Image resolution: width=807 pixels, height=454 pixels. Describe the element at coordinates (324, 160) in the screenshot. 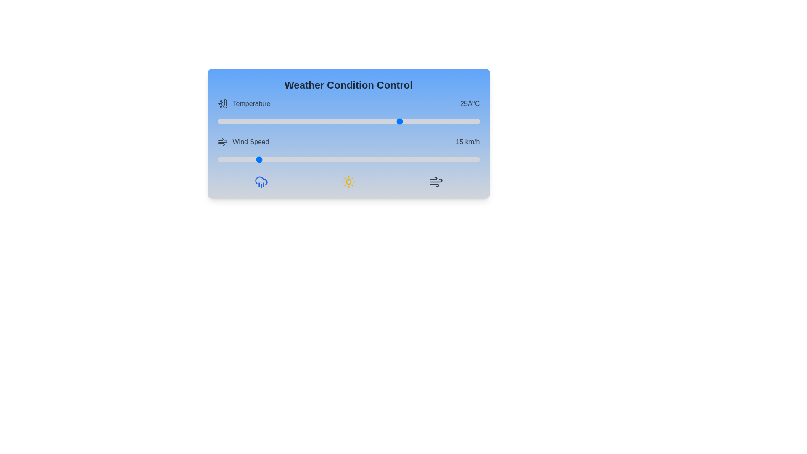

I see `the wind speed slider to 41 km/h` at that location.